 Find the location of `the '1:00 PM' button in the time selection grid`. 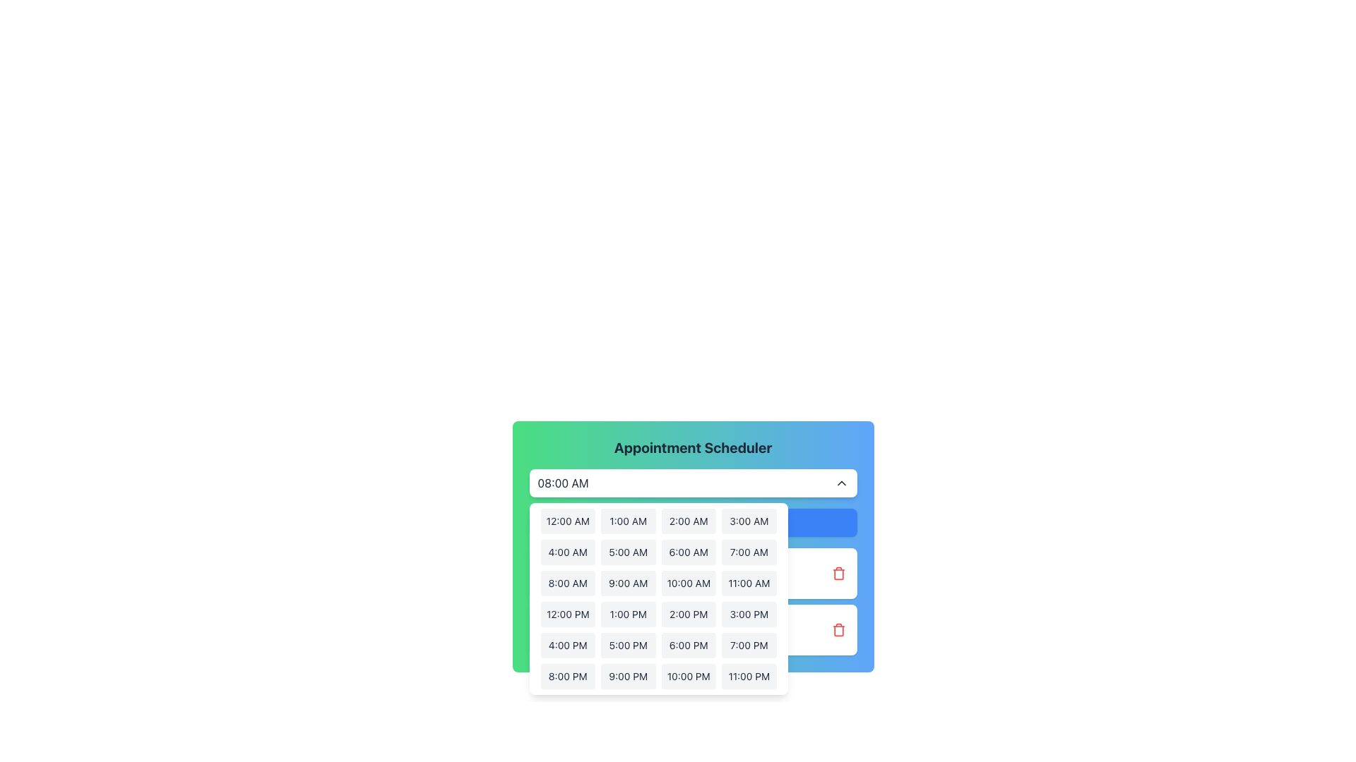

the '1:00 PM' button in the time selection grid is located at coordinates (627, 614).